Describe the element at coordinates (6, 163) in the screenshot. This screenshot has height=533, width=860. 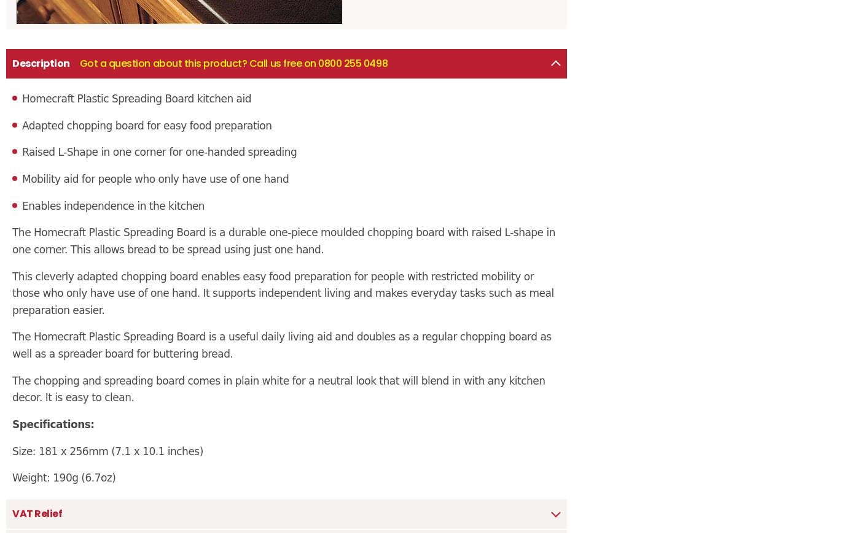
I see `'VAT exemption'` at that location.